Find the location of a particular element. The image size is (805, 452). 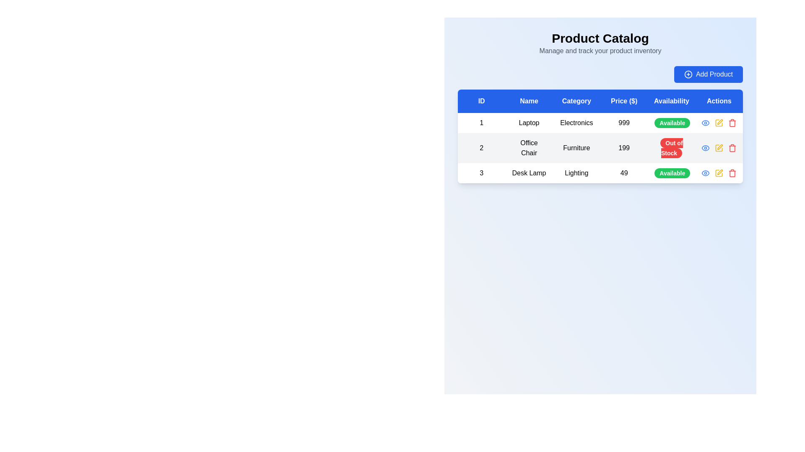

the header label for product names, which is the second entry in the table's header row, located between the 'ID' and 'Category' labels is located at coordinates (529, 101).